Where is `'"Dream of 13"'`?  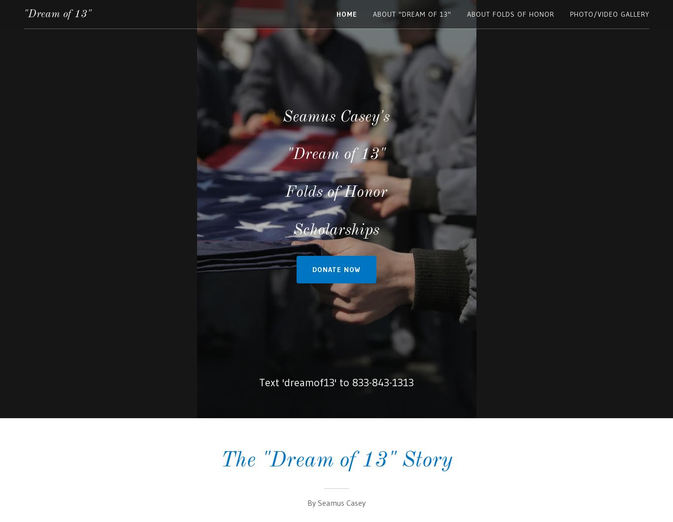 '"Dream of 13"' is located at coordinates (57, 14).